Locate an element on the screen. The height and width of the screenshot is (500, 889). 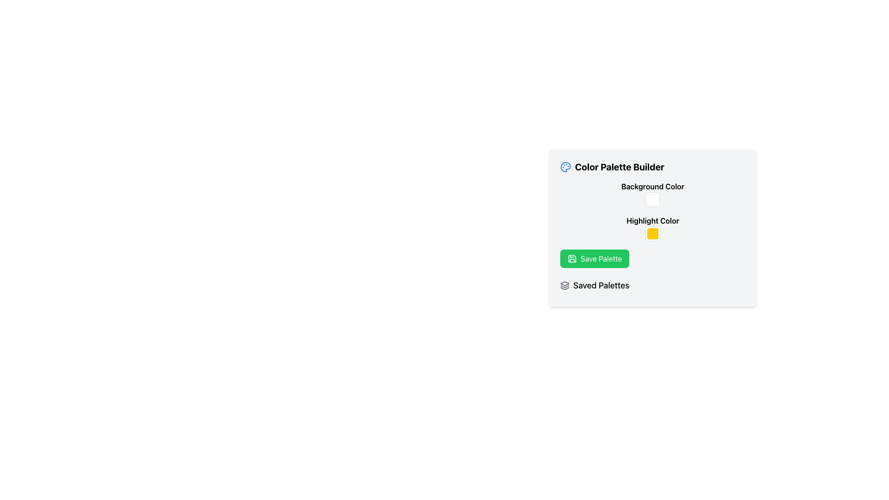
the Color Picker Trigger located in the 'Highlight Color' section of the color palette builder card is located at coordinates (652, 233).